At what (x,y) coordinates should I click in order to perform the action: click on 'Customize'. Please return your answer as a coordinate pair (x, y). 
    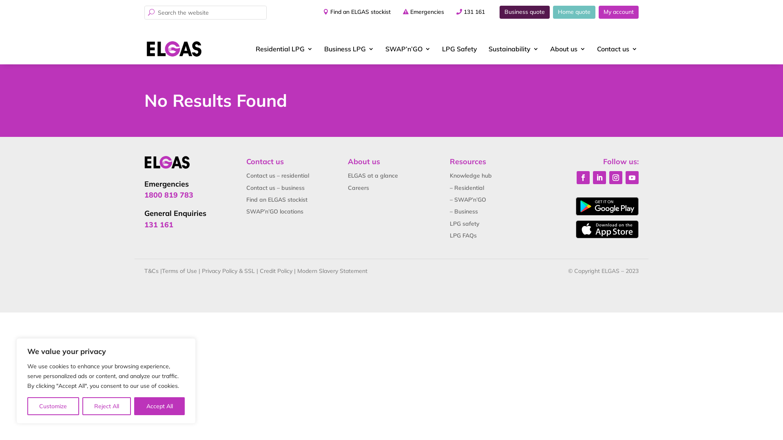
    Looking at the image, I should click on (53, 406).